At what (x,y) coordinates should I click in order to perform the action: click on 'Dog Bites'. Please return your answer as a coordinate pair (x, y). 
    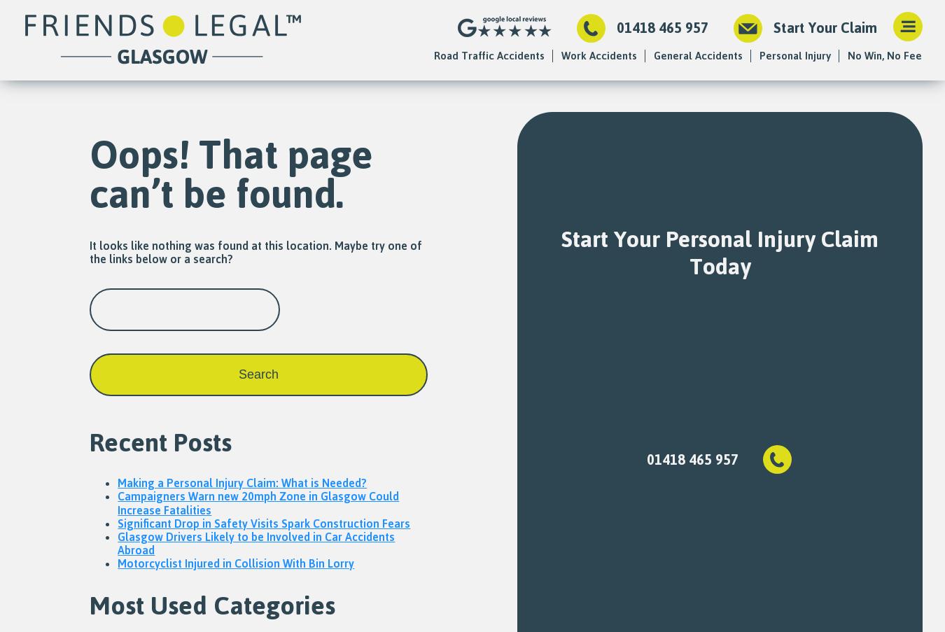
    Looking at the image, I should click on (676, 315).